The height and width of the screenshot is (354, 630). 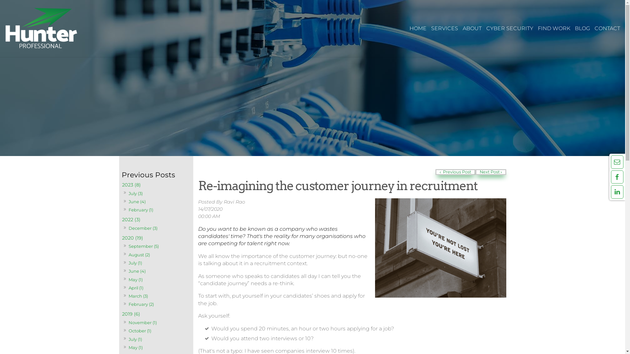 I want to click on 'CYBER SECURITY', so click(x=509, y=28).